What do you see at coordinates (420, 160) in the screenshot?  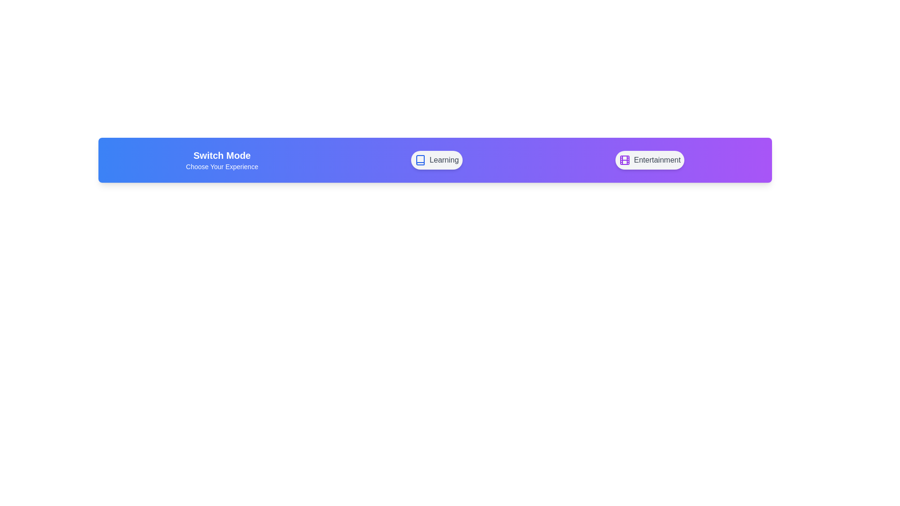 I see `the blue book-shaped icon that is located adjacent to the 'Learning' label in the horizontal selector bar` at bounding box center [420, 160].